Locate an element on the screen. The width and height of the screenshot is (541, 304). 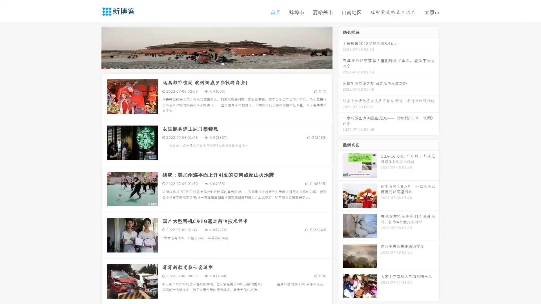
Next slide is located at coordinates (340, 47).